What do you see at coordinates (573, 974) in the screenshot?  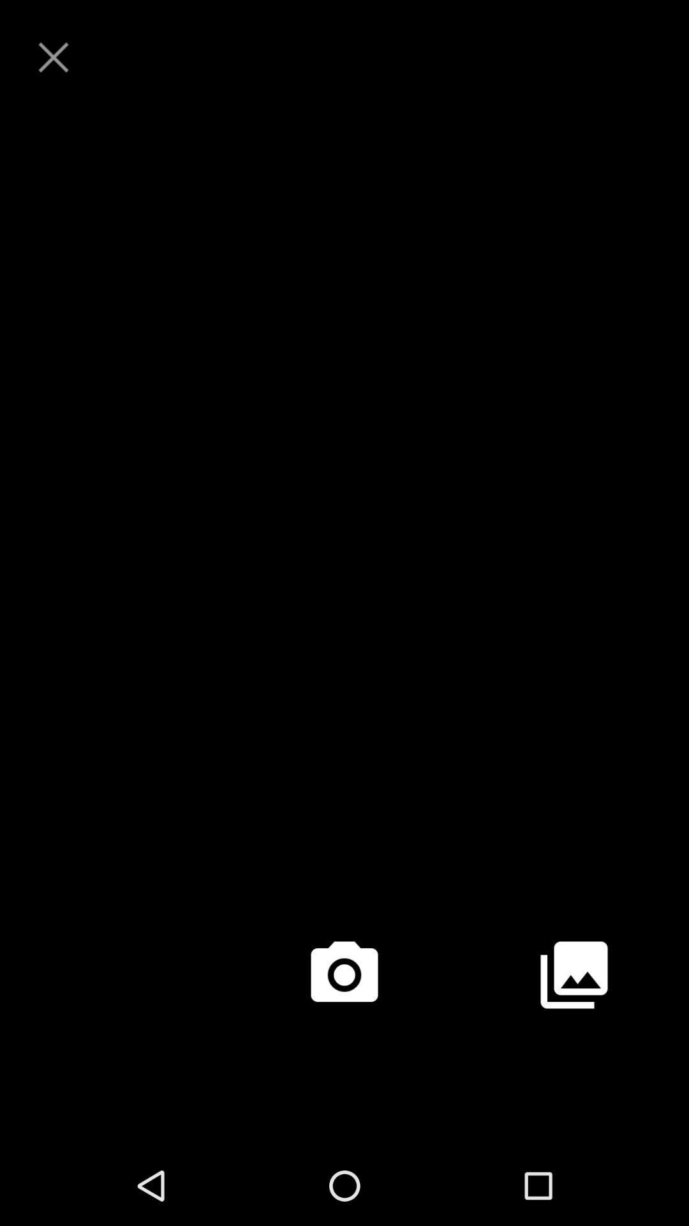 I see `the icon at the bottom right corner` at bounding box center [573, 974].